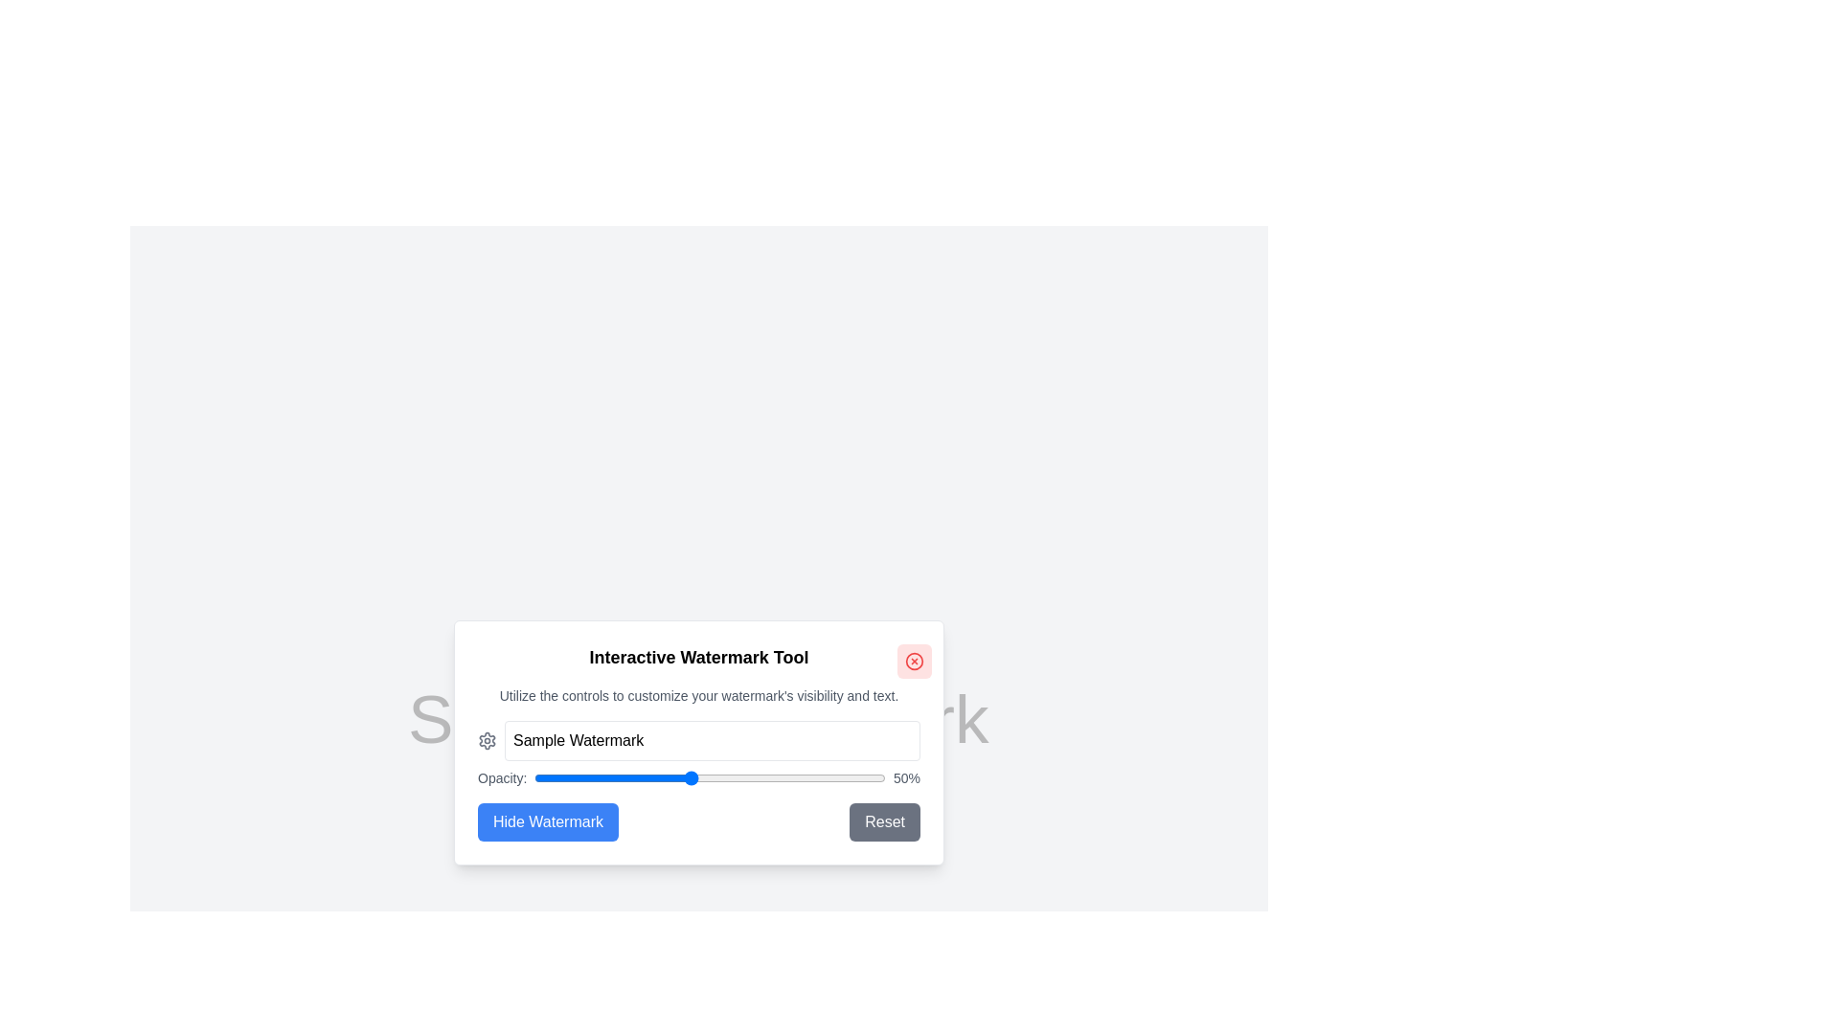  I want to click on the close button located at the top-right corner of the 'Interactive Watermark Tool' modal, so click(914, 660).